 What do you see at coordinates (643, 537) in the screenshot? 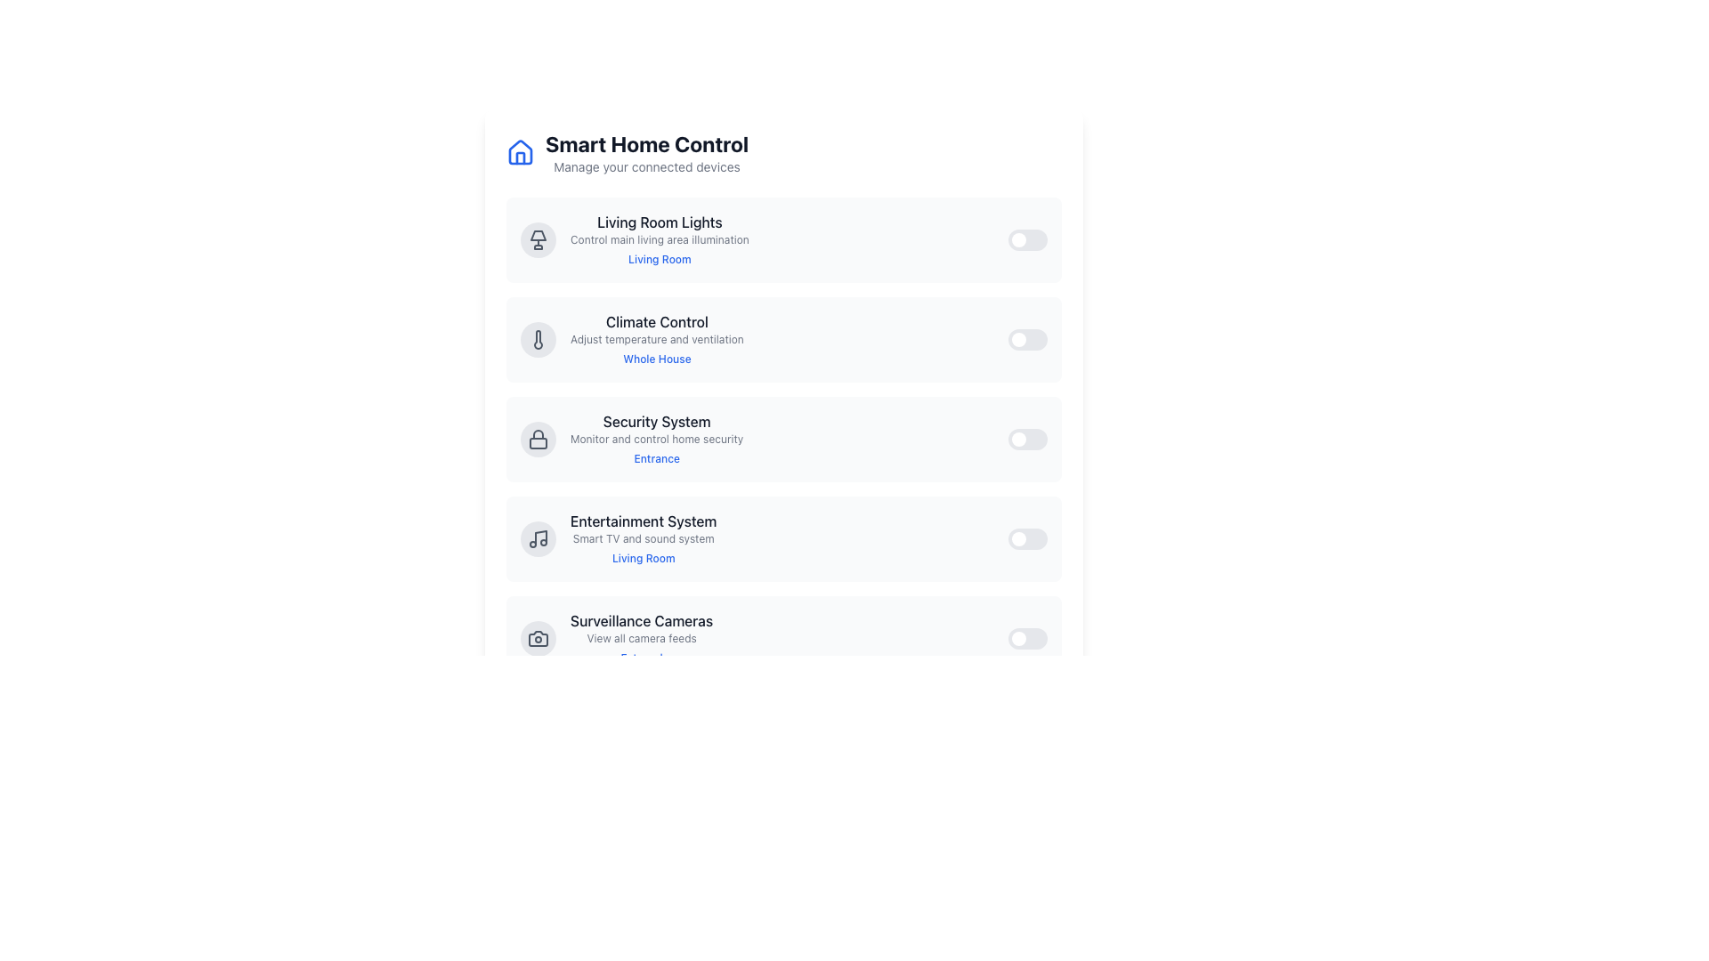
I see `the hyperlink in the 'Entertainment System' informational display component to read the descriptive text for information` at bounding box center [643, 537].